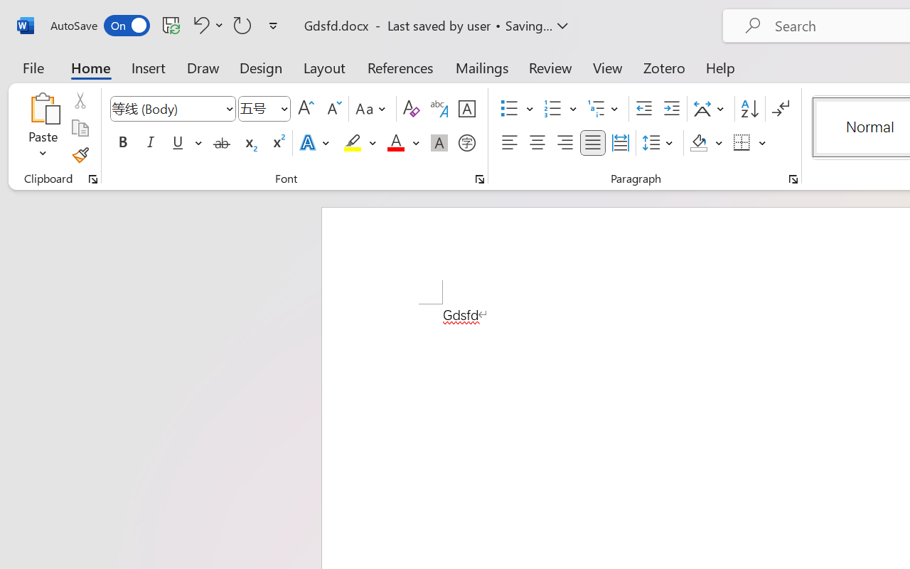  I want to click on 'Repeat Clear Formatting', so click(242, 24).